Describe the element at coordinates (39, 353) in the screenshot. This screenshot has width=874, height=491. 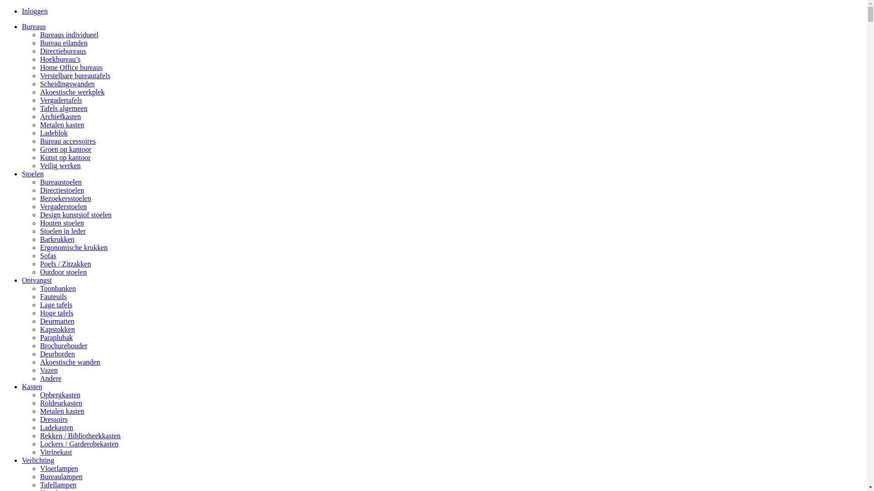
I see `'Deurborden'` at that location.